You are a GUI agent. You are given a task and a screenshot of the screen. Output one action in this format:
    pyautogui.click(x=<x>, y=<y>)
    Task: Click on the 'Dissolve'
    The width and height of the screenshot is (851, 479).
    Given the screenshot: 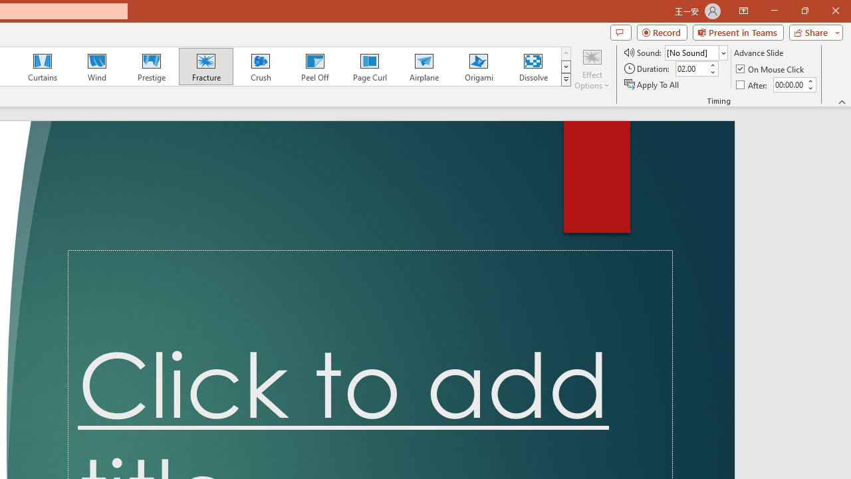 What is the action you would take?
    pyautogui.click(x=533, y=67)
    